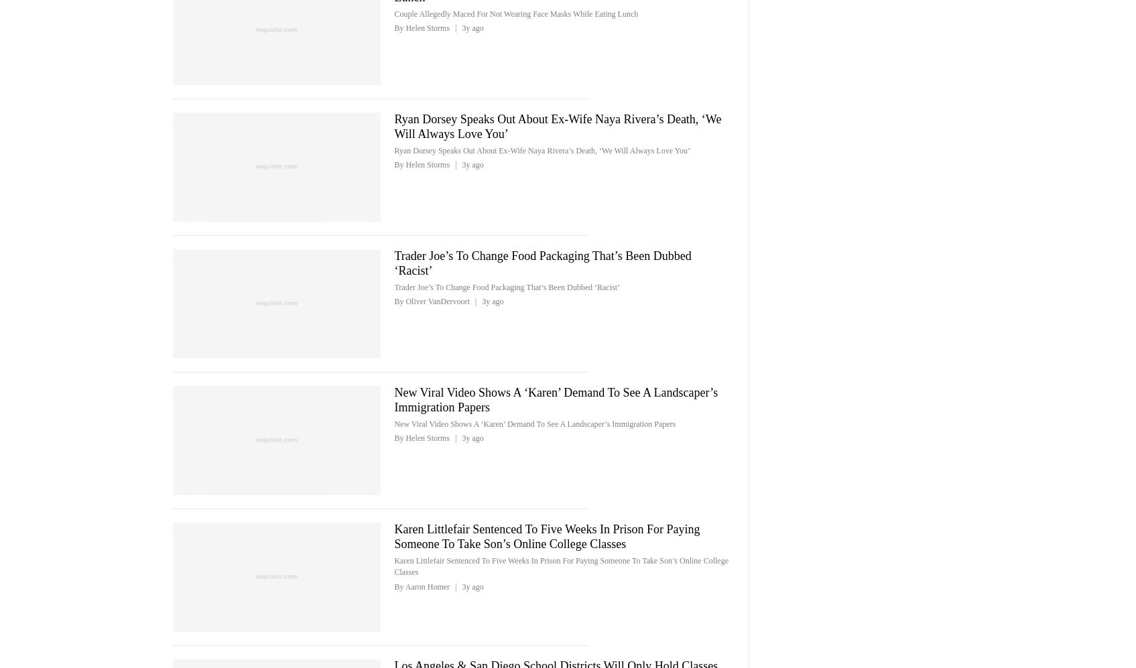 The width and height of the screenshot is (1136, 668). What do you see at coordinates (515, 13) in the screenshot?
I see `'Couple Allegedly Maced For Not Wearing Face Masks While Eating Lunch'` at bounding box center [515, 13].